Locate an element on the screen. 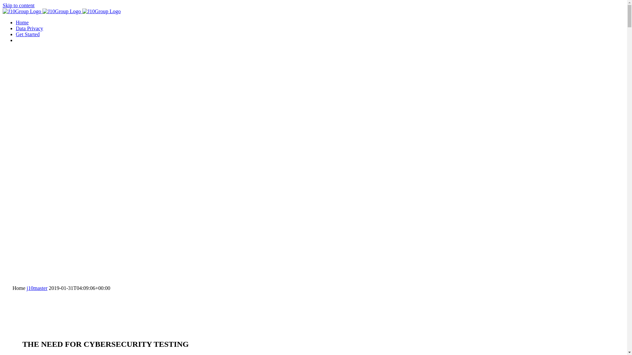  'Skip to content' is located at coordinates (3, 5).